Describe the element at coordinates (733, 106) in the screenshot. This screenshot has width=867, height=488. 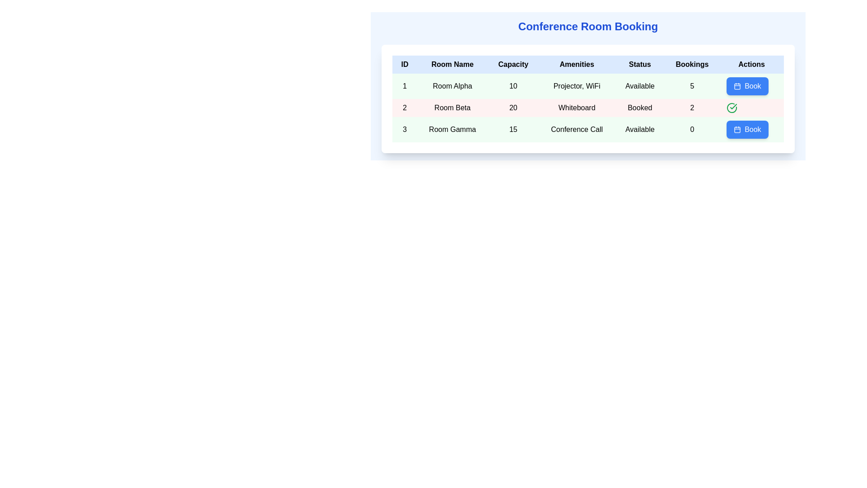
I see `the checkmark vector graphic within the circular icon in the Actions column of the second row corresponding to Room Beta` at that location.